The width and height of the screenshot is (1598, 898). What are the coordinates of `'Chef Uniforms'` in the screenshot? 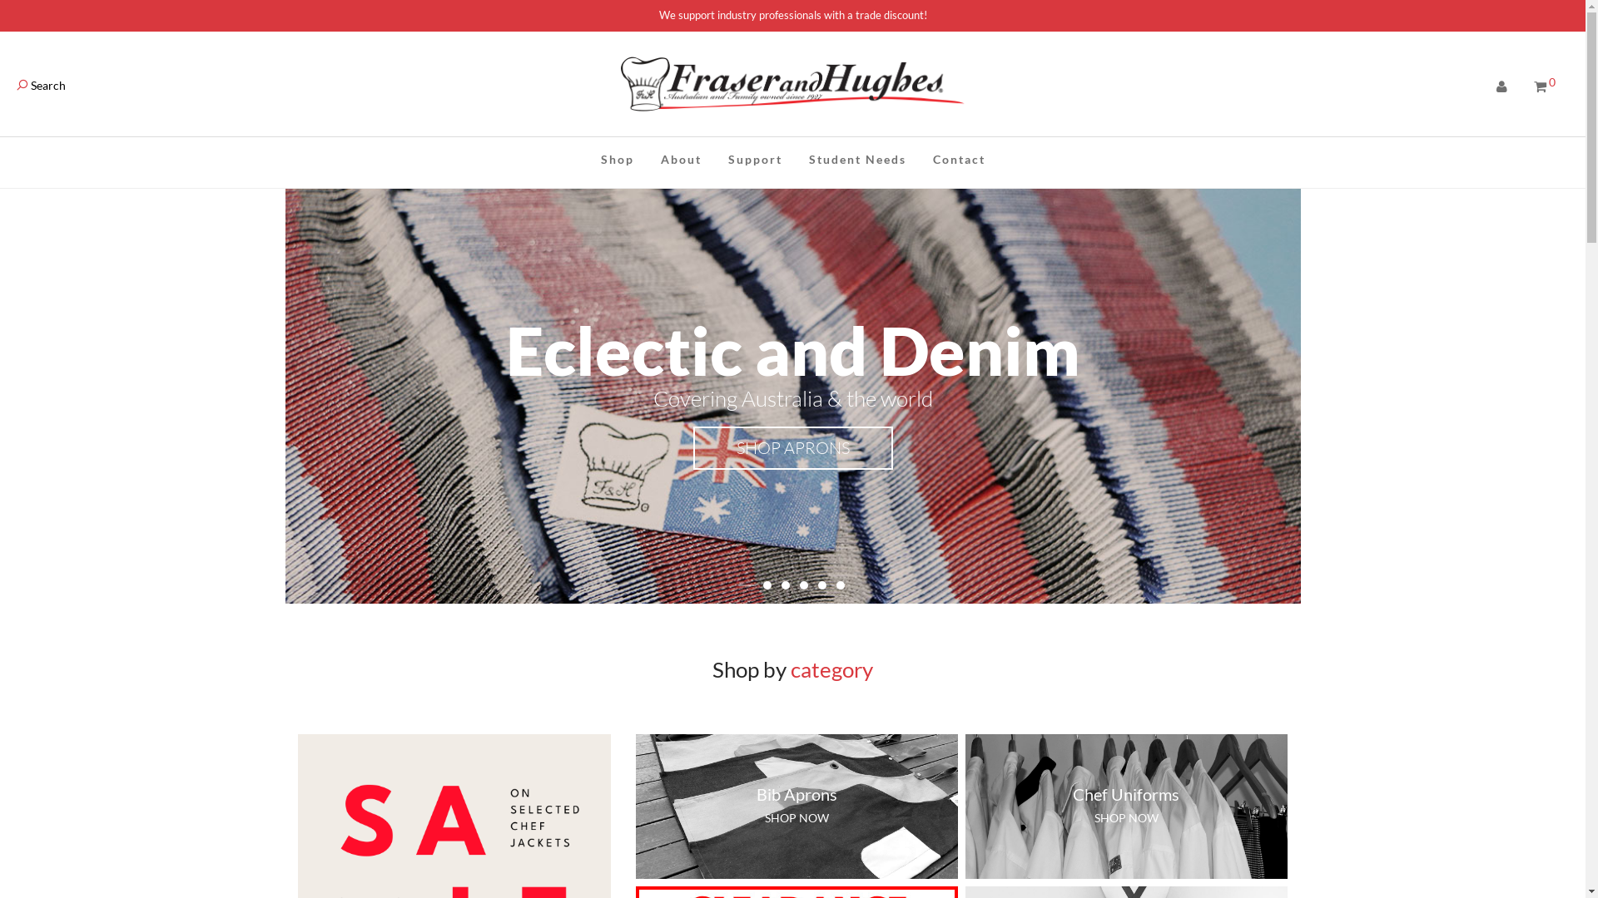 It's located at (1126, 793).